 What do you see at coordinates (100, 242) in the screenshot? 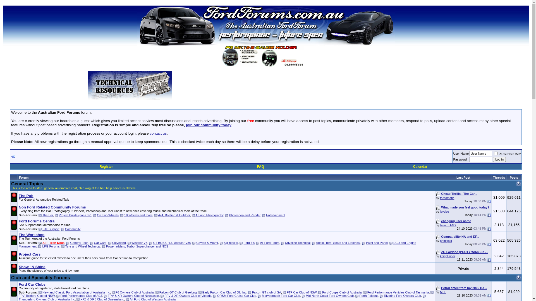
I see `'Car Care'` at bounding box center [100, 242].